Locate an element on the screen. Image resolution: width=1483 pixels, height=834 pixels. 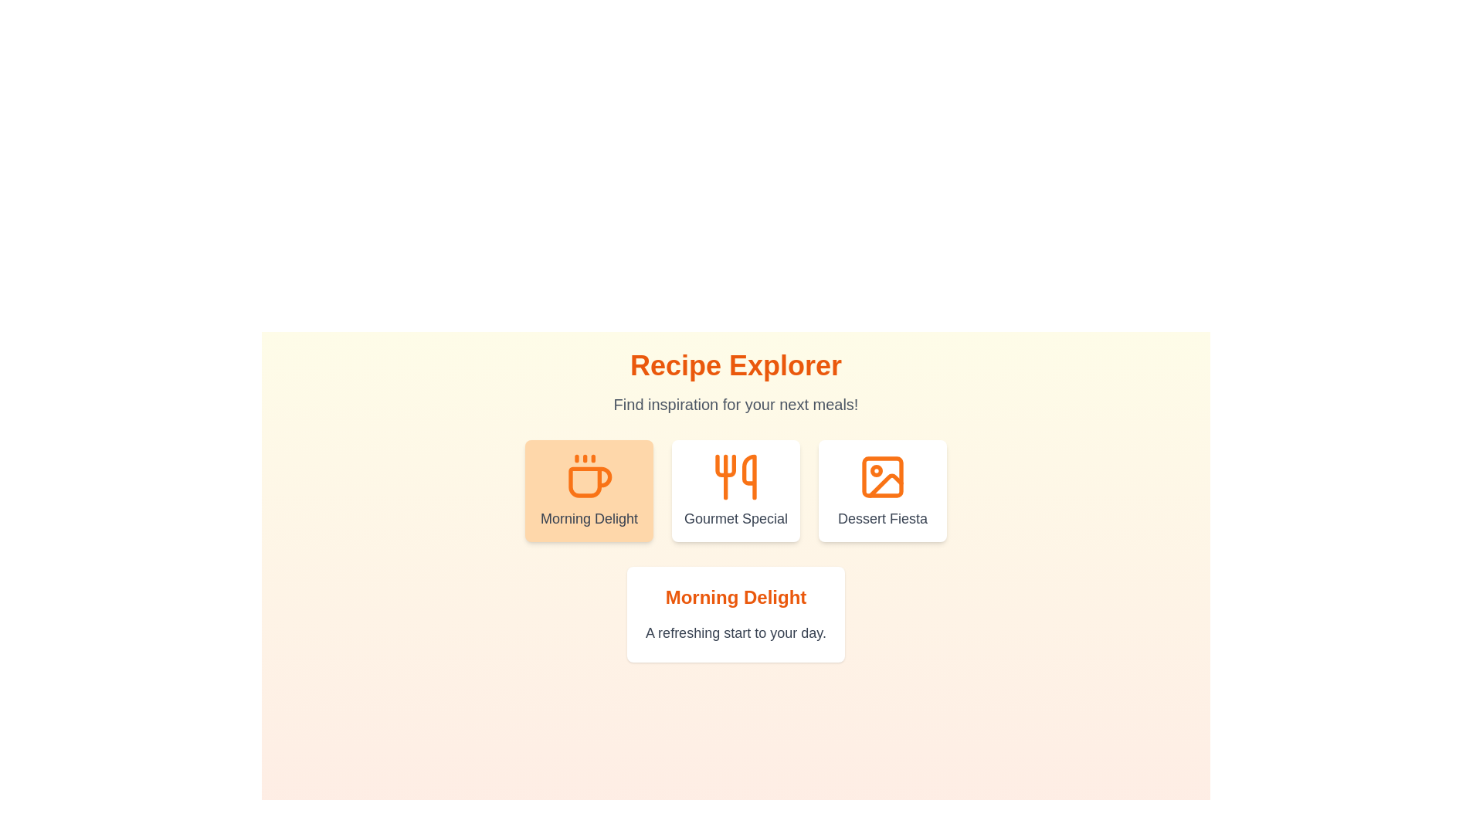
the central text label that serves as a title or heading, positioned above the text 'A refreshing start to your day.' is located at coordinates (735, 597).